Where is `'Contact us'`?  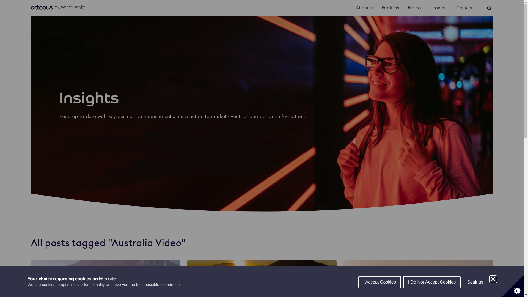
'Contact us' is located at coordinates (467, 7).